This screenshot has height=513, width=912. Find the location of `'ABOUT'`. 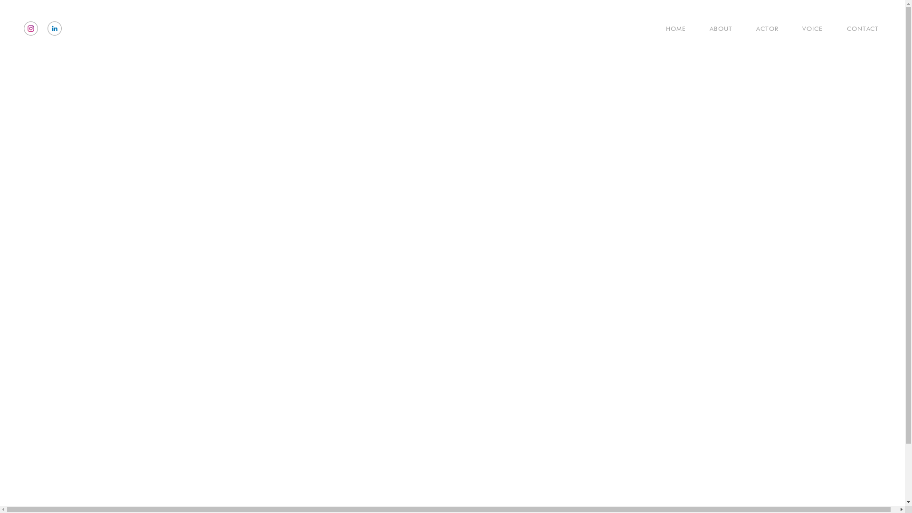

'ABOUT' is located at coordinates (711, 28).